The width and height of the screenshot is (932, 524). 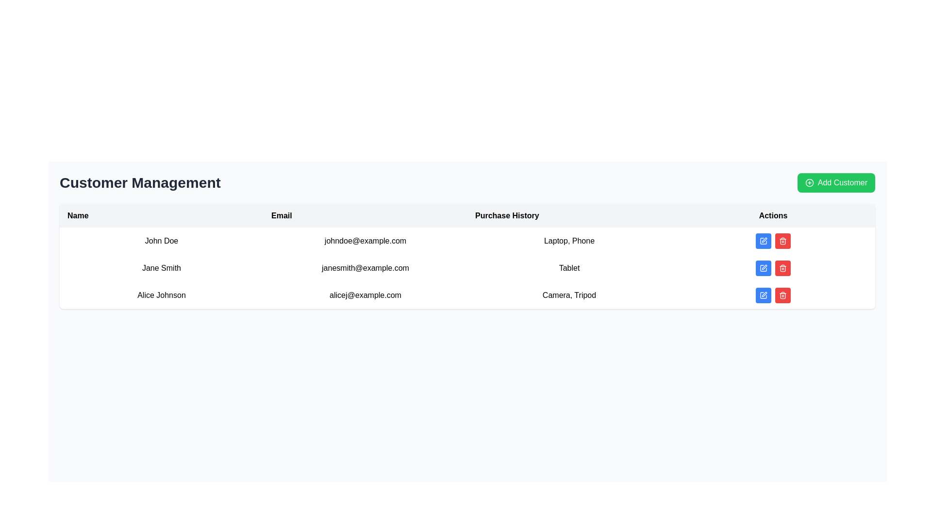 What do you see at coordinates (764, 267) in the screenshot?
I see `the edit icon button located in the 'Actions' column of the table for the second row (Jane Smith)` at bounding box center [764, 267].